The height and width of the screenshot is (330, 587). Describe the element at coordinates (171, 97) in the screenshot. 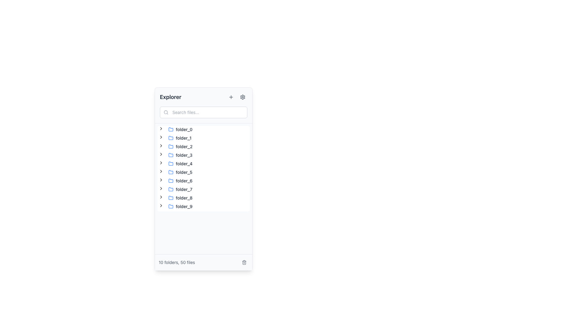

I see `the 'Explorer' text label, which is styled in bold, large font and displayed in dark gray, located at the top-left of the sidebar interface` at that location.